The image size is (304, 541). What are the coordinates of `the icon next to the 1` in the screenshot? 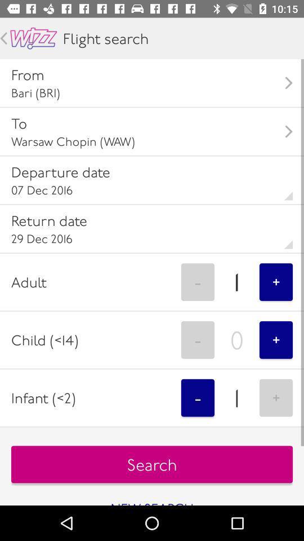 It's located at (275, 281).